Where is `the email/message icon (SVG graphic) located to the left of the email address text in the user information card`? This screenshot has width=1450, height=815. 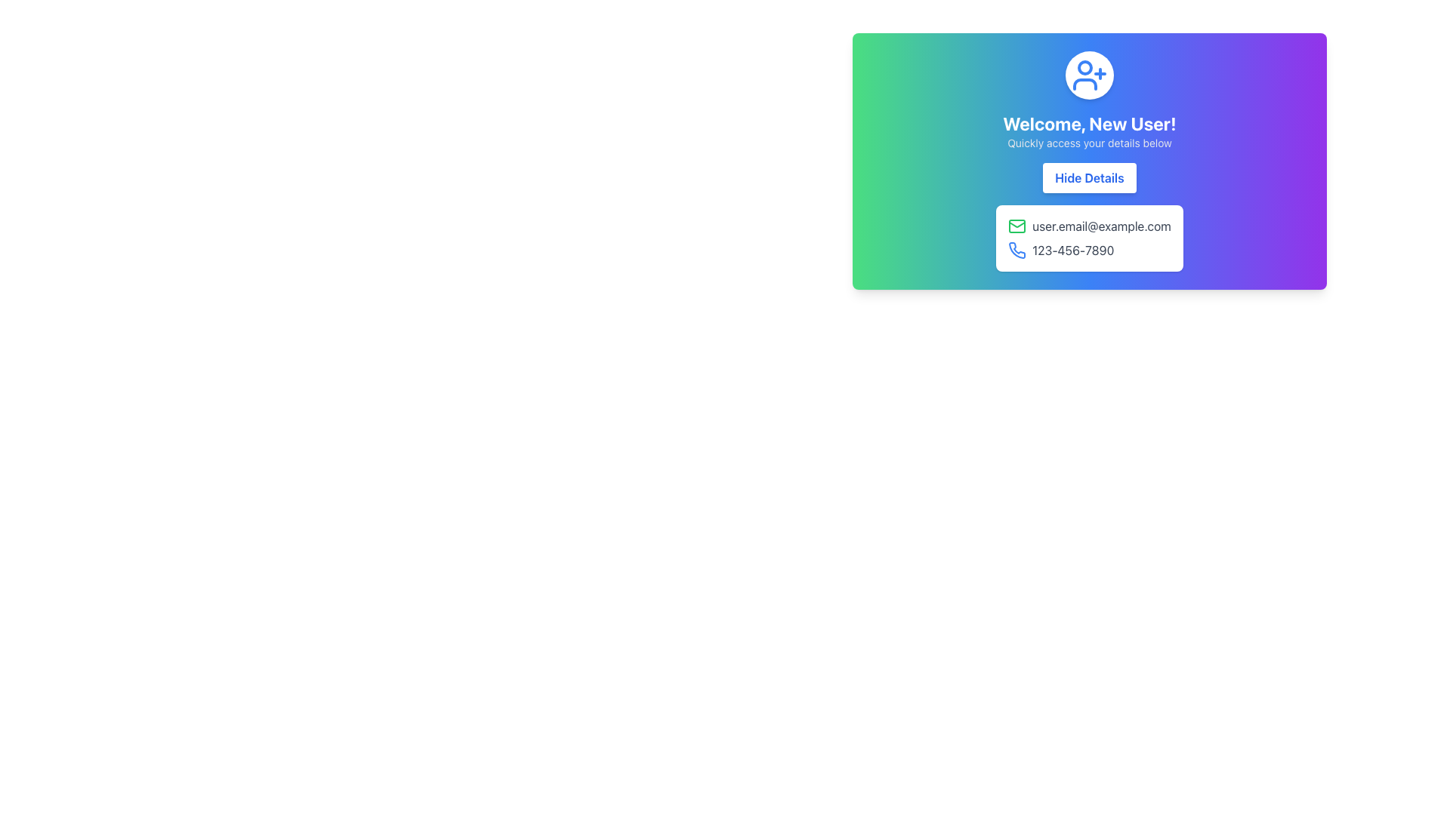 the email/message icon (SVG graphic) located to the left of the email address text in the user information card is located at coordinates (1017, 226).